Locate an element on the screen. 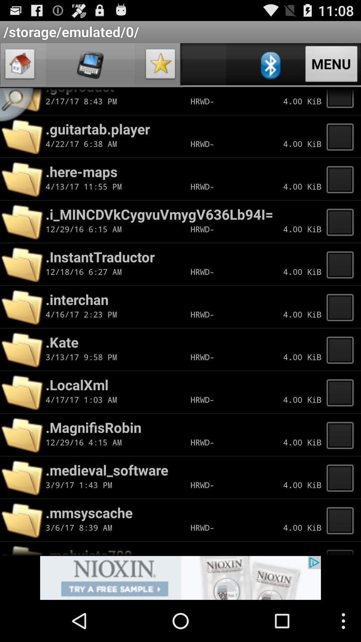 The height and width of the screenshot is (642, 361). folder is located at coordinates (342, 101).